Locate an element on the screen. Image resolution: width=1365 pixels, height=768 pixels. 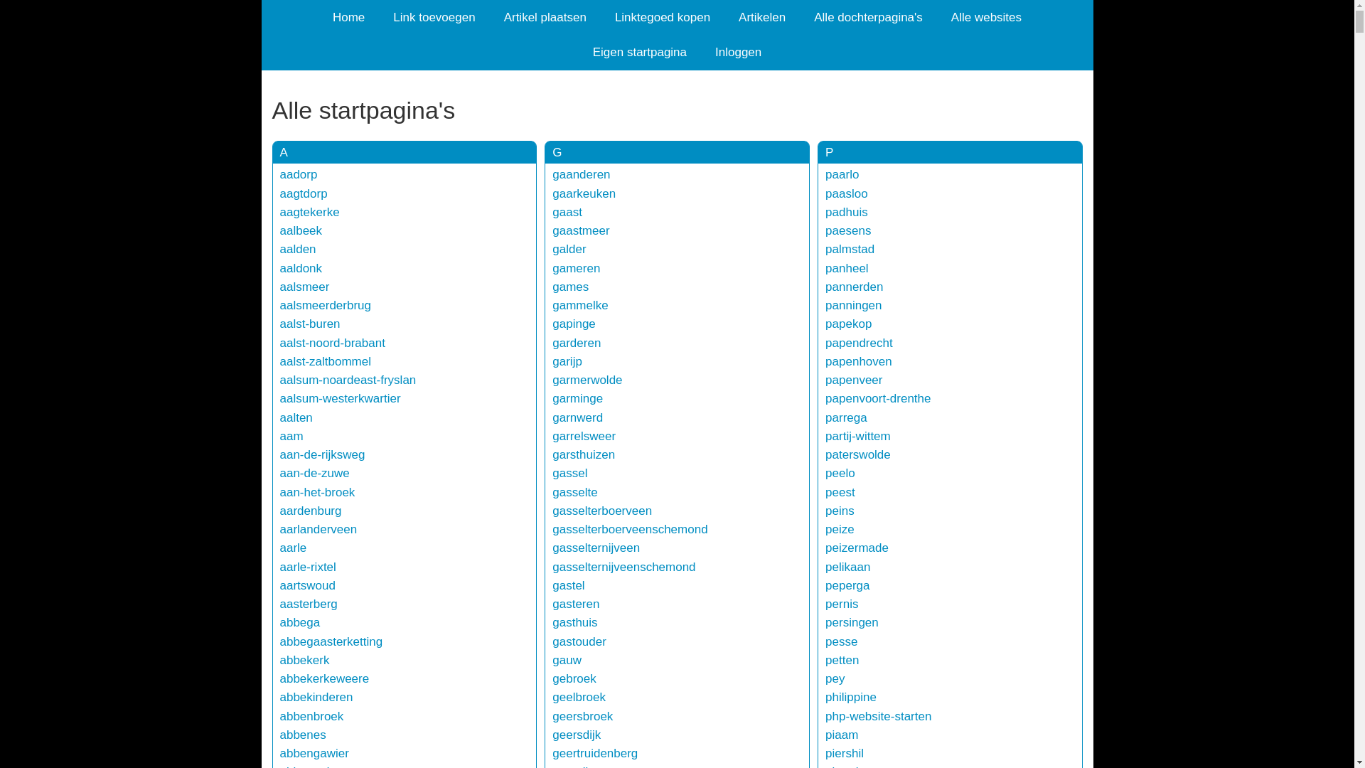
'gaarkeuken' is located at coordinates (584, 193).